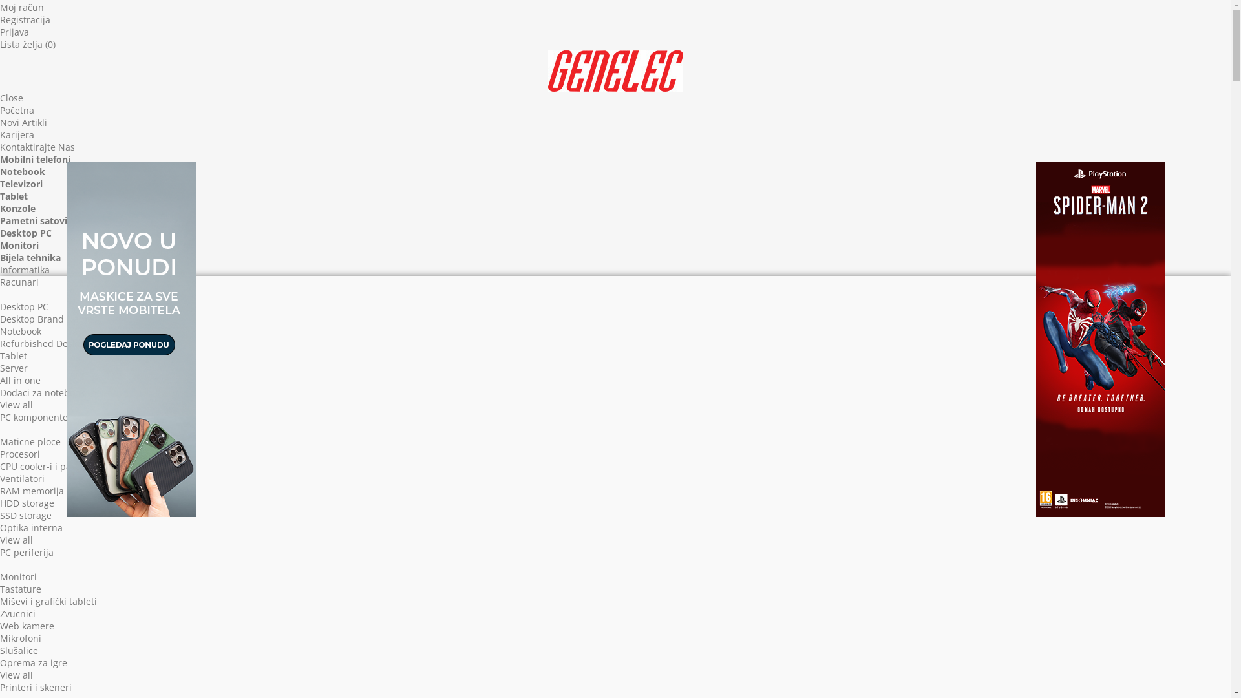 Image resolution: width=1241 pixels, height=698 pixels. What do you see at coordinates (0, 207) in the screenshot?
I see `'Konzole'` at bounding box center [0, 207].